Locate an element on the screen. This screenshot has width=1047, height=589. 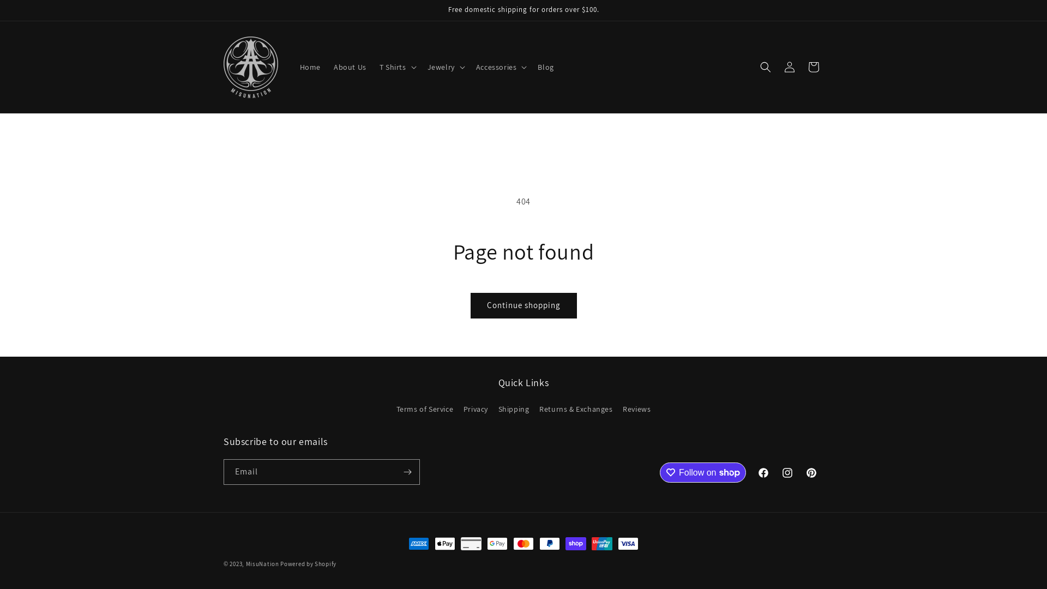
'Log in' is located at coordinates (790, 67).